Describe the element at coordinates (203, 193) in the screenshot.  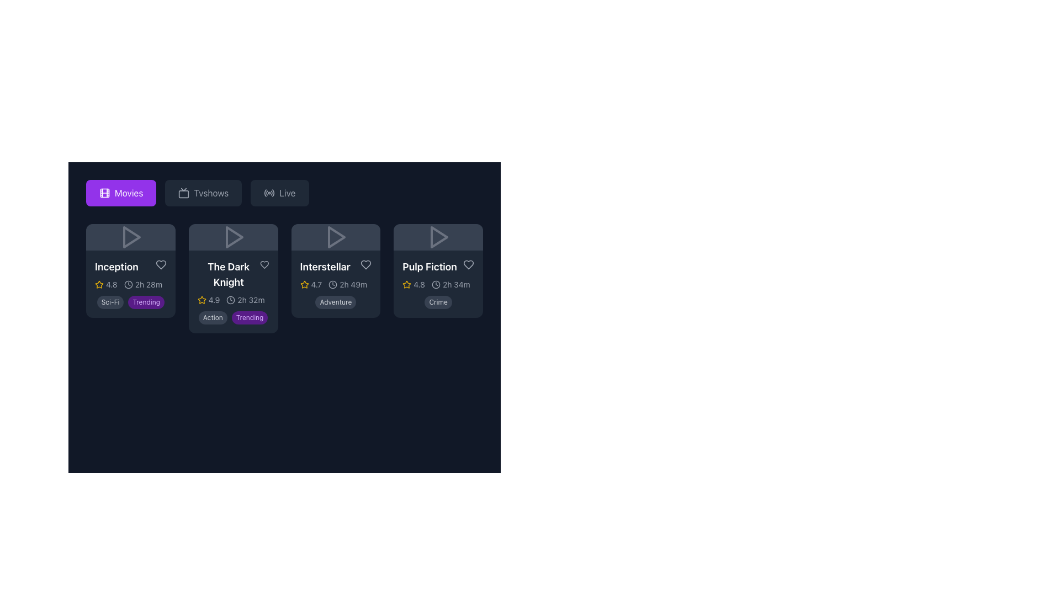
I see `the 'Tvshows' navigation button, which is the second button in a row of three, located between the 'Movies' button with a purple background and the 'Live' button` at that location.